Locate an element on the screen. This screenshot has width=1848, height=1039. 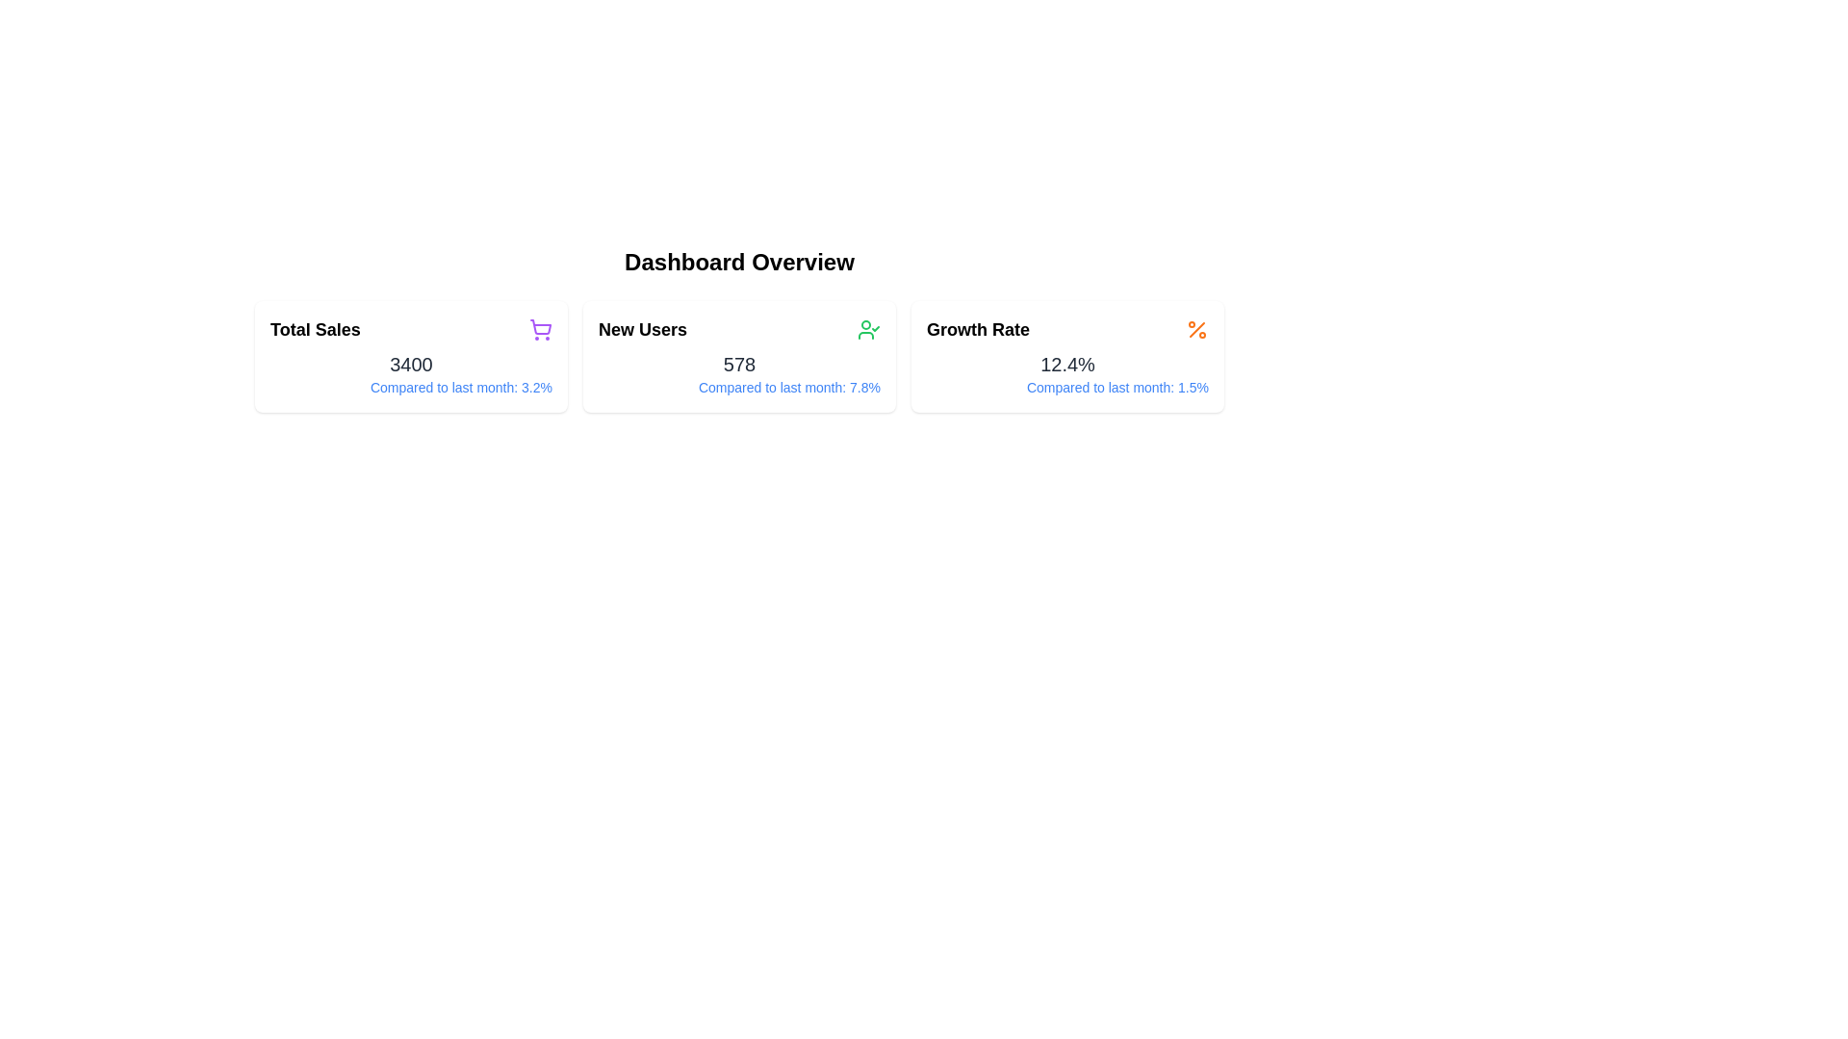
the purple shopping cart icon located on the 'Total Sales' card, which is the leftmost card in a row of three cards on the dashboard is located at coordinates (539, 329).